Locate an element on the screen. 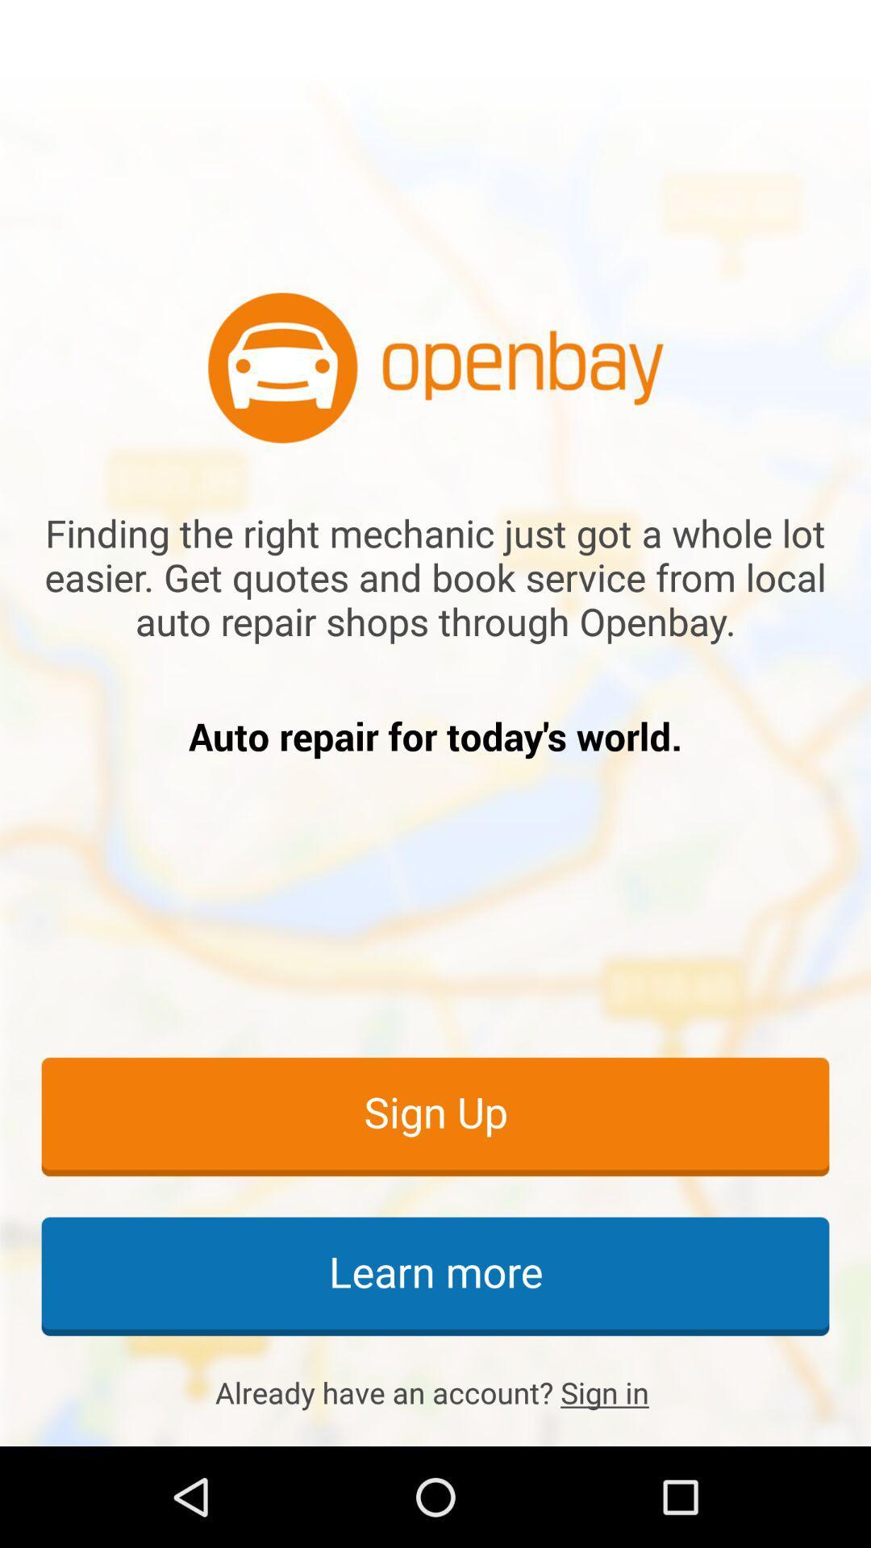  icon below learn more icon is located at coordinates (435, 1392).